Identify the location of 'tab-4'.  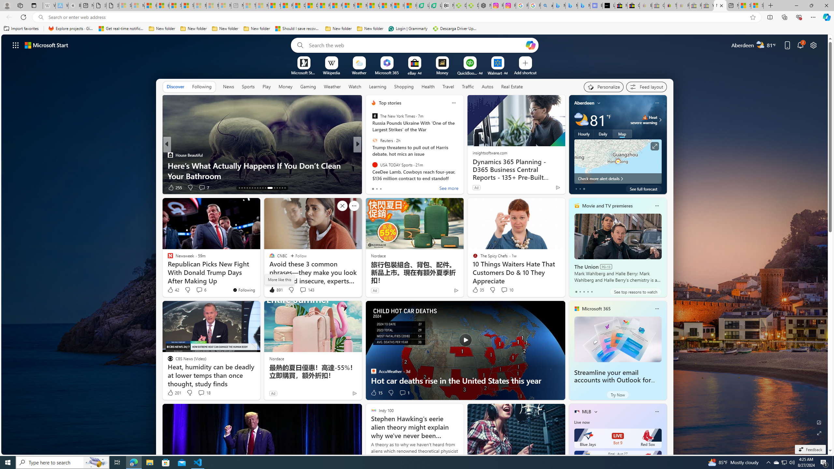
(591, 291).